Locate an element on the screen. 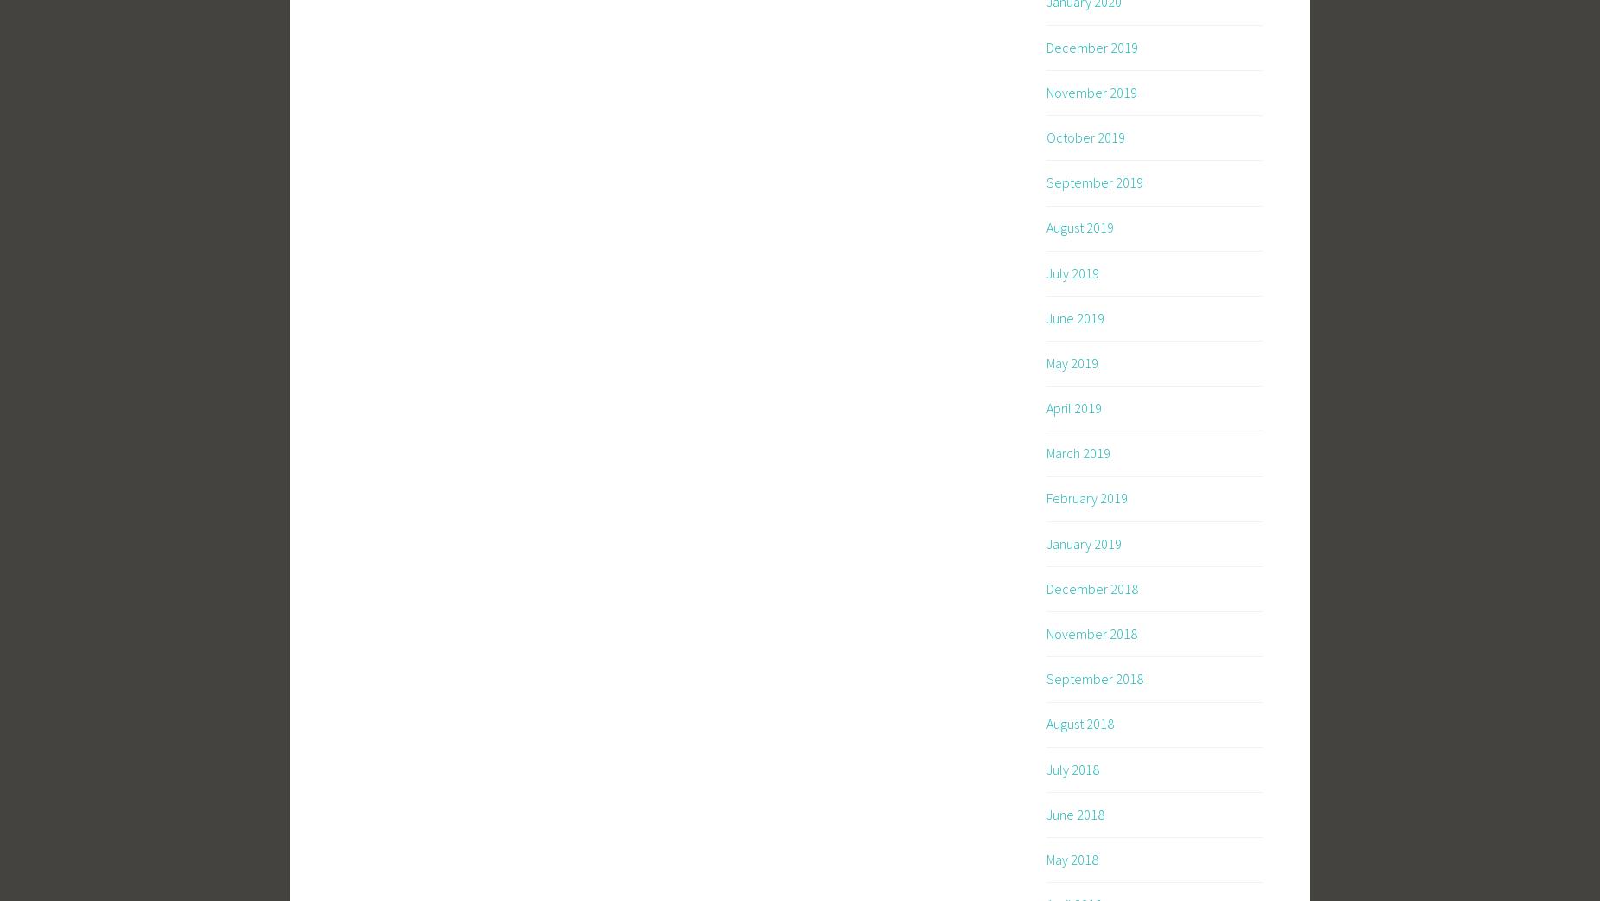 The image size is (1600, 901). 'May 2019' is located at coordinates (1072, 361).